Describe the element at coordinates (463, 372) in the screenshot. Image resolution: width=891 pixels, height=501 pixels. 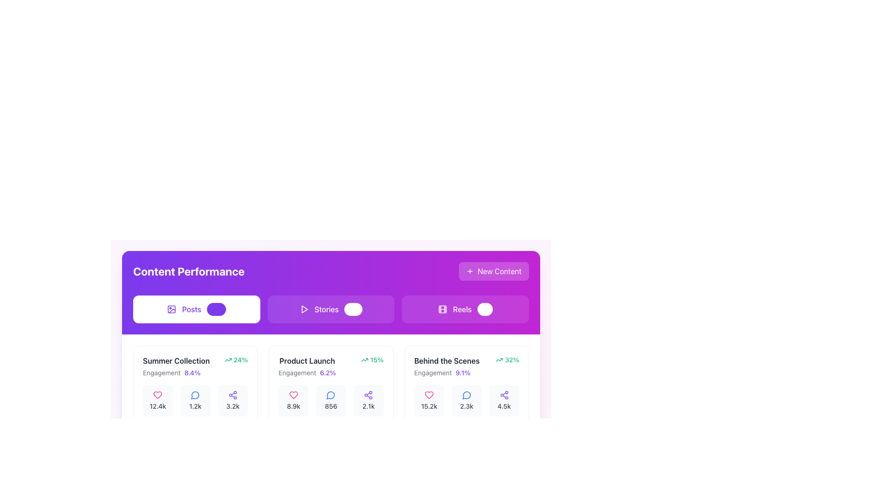
I see `the violet-colored text '9.1%' located to the right of the word 'Engagement' within the second card below the purple header bar labeled 'Content Performance'` at that location.